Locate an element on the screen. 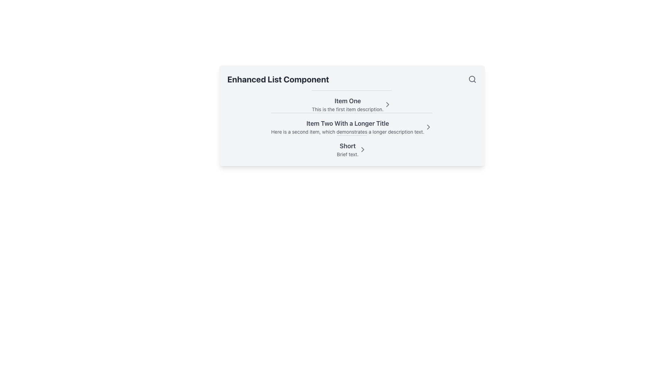  the first list item labeled 'Item One' with a description below it is located at coordinates (352, 104).